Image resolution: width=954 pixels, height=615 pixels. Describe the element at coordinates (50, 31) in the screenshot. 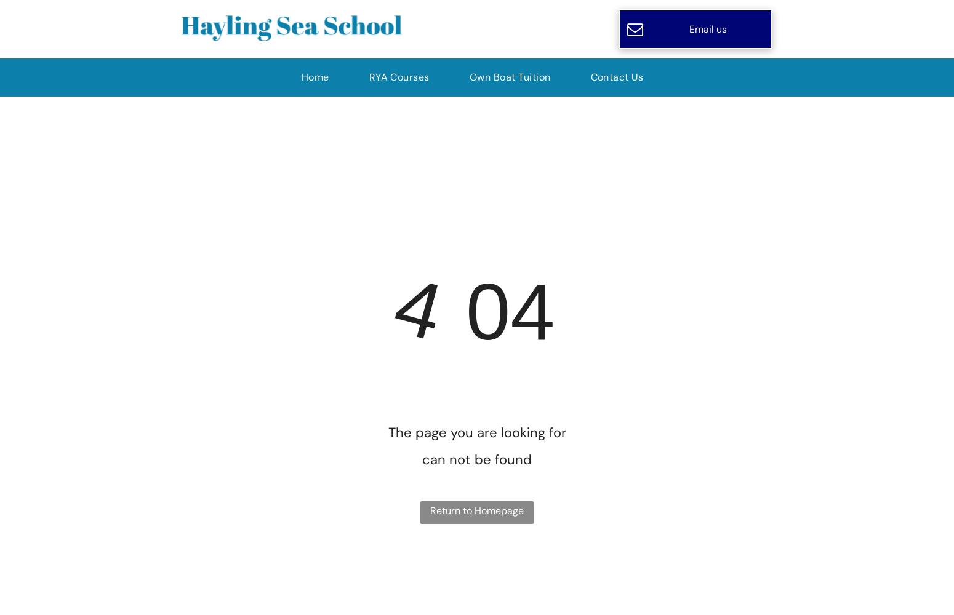

I see `'Share by:'` at that location.